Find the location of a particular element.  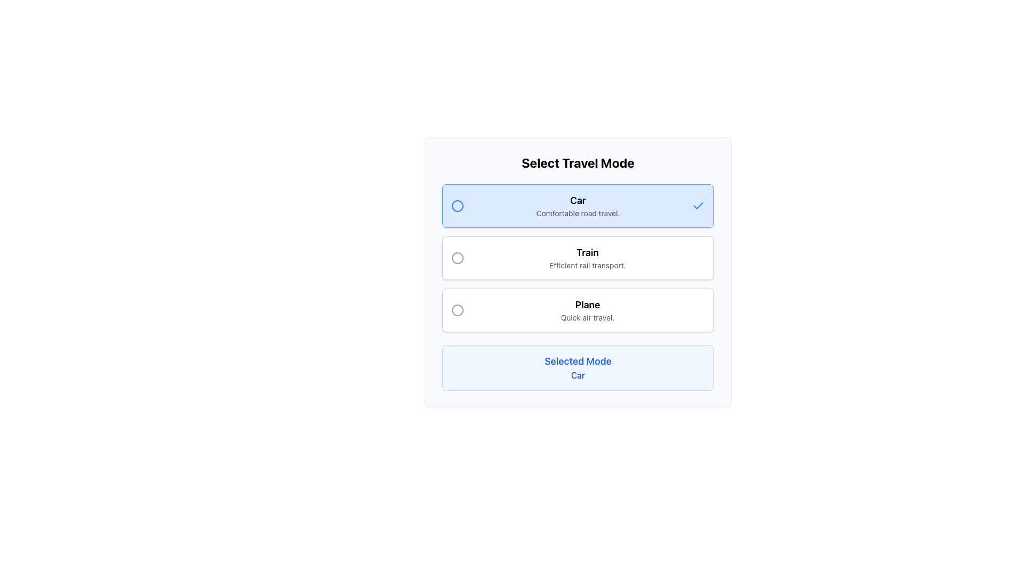

the bold, black text label reading 'Train', which is styled with a larger font size and is part of the transportation selection interface is located at coordinates (587, 252).